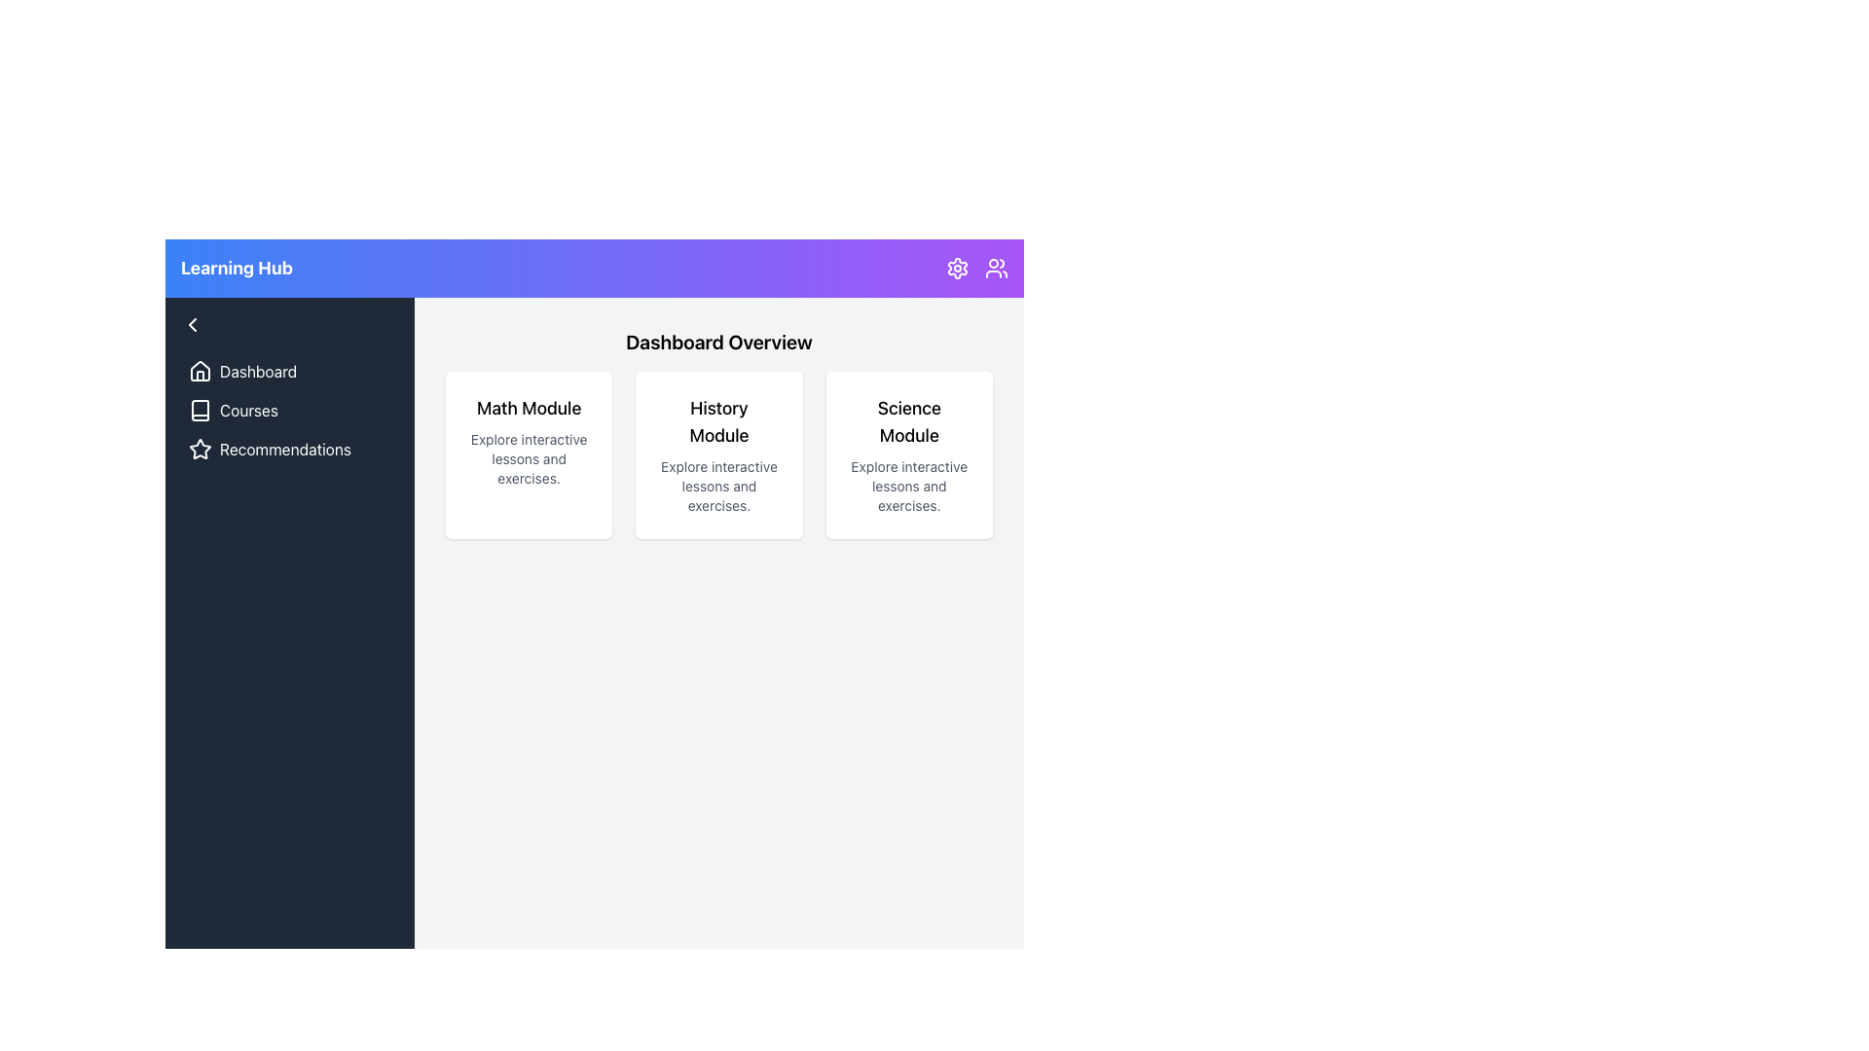 The image size is (1869, 1051). Describe the element at coordinates (257, 371) in the screenshot. I see `the navigation link labeled 'Dashboard' located at the top of the navigation menu for keyboard navigation` at that location.